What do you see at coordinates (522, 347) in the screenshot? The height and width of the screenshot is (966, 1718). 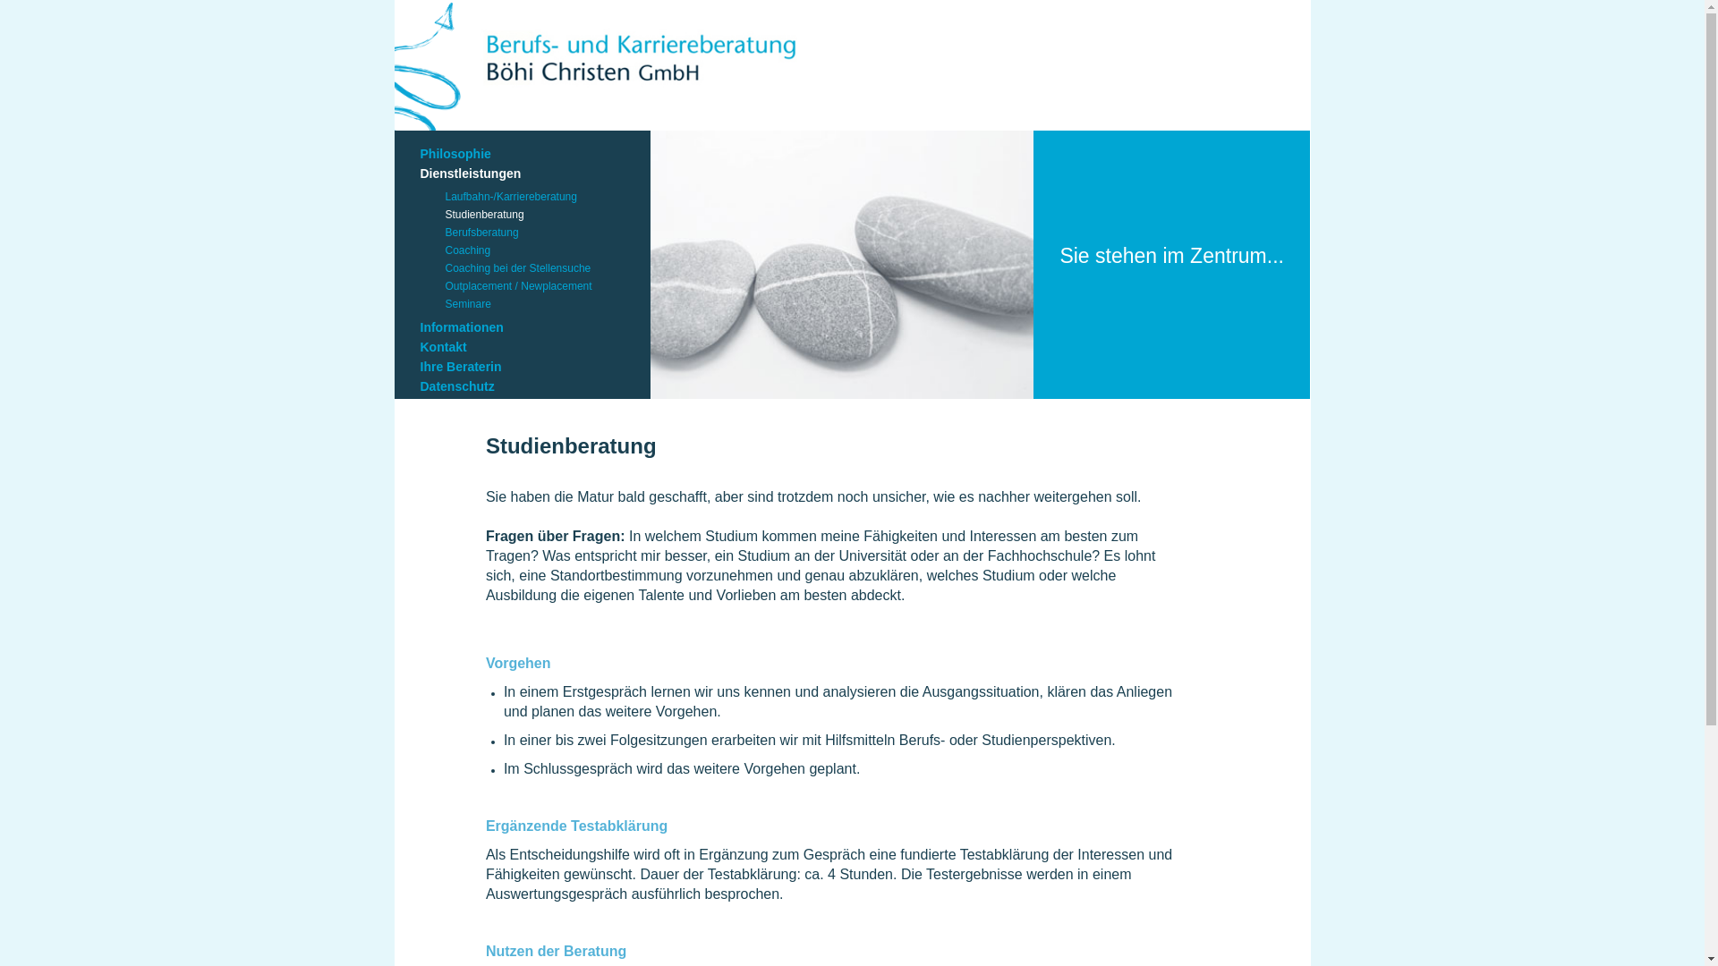 I see `'Kontakt'` at bounding box center [522, 347].